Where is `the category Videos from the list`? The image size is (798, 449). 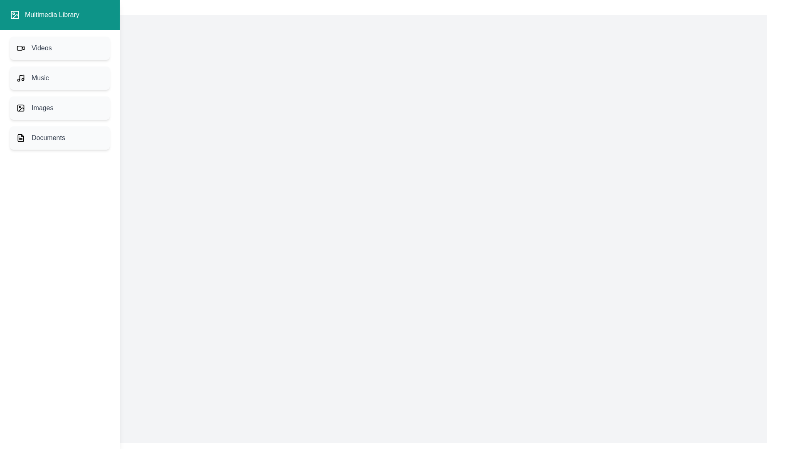 the category Videos from the list is located at coordinates (59, 48).